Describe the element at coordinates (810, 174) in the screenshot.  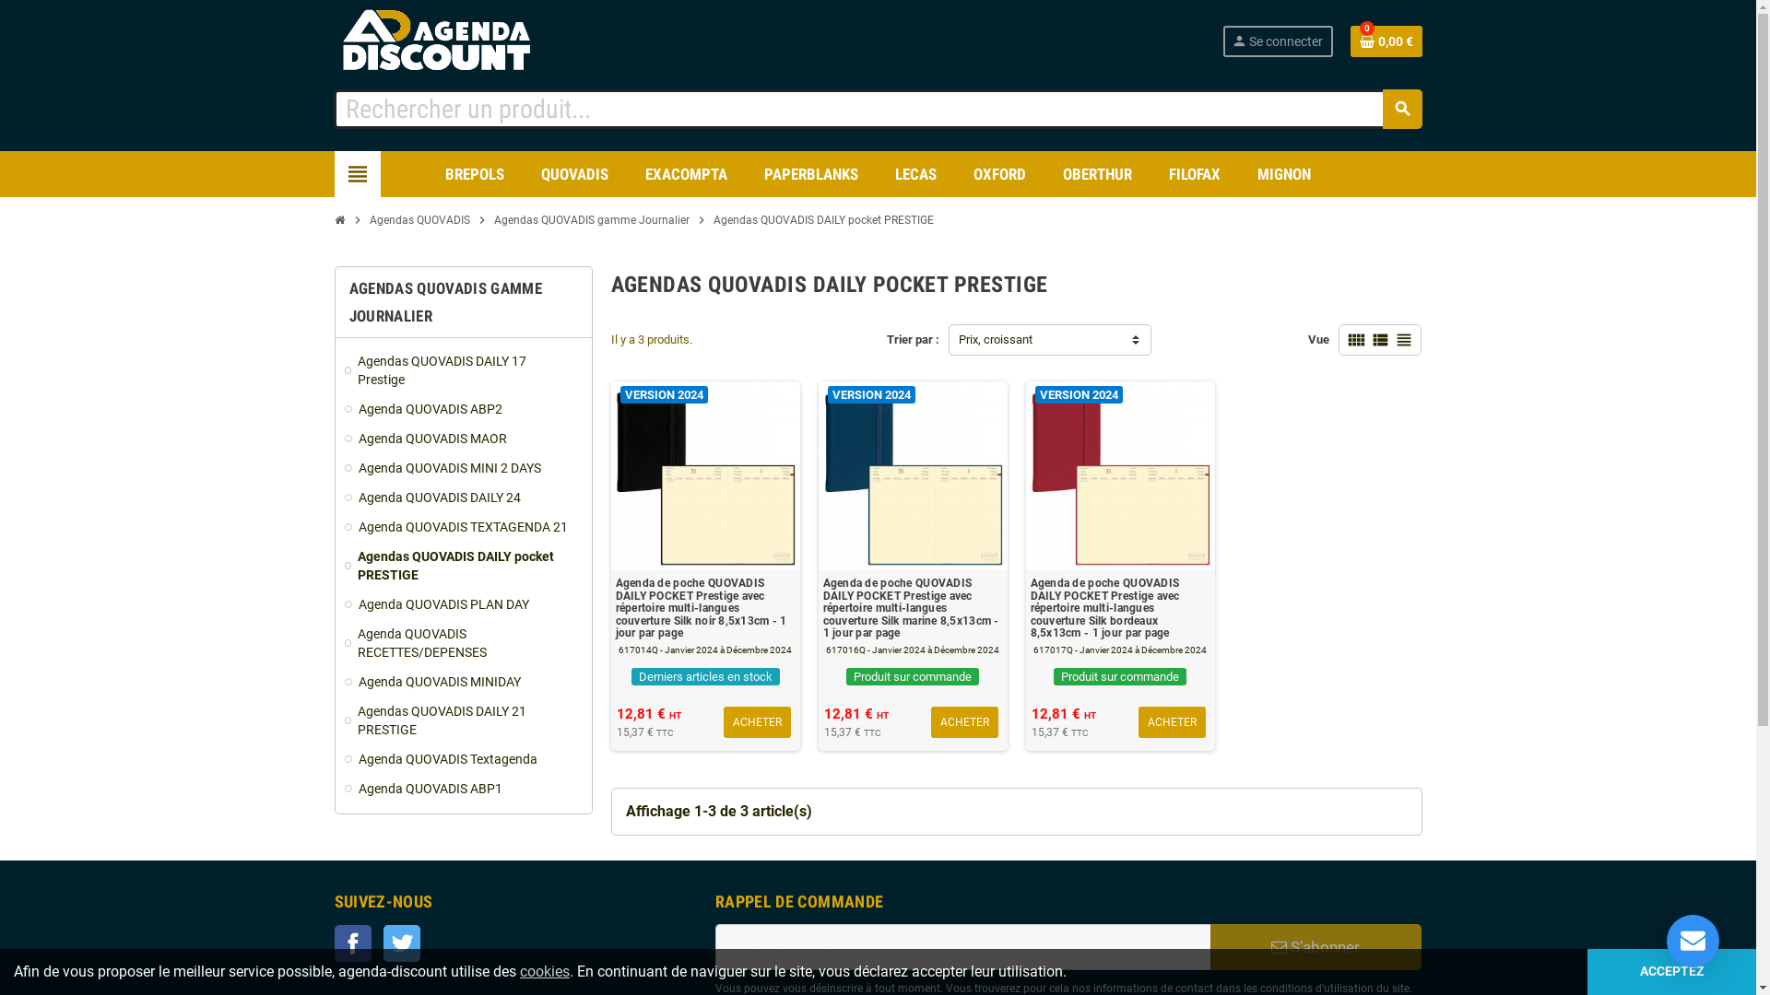
I see `'PAPERBLANKS'` at that location.